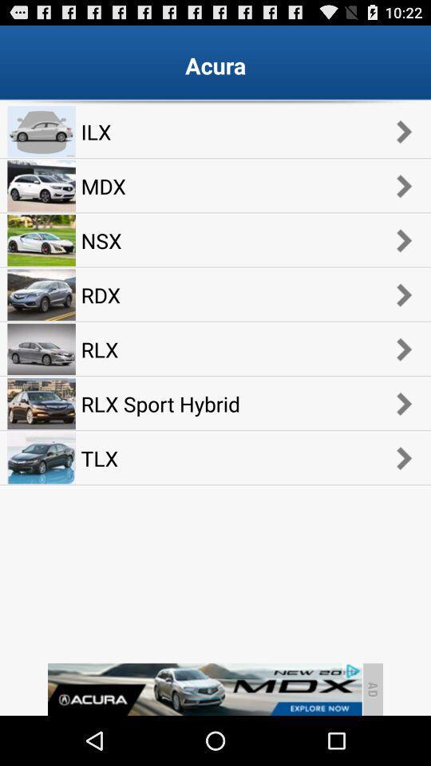 The width and height of the screenshot is (431, 766). What do you see at coordinates (204, 689) in the screenshot?
I see `clickable advertisement` at bounding box center [204, 689].